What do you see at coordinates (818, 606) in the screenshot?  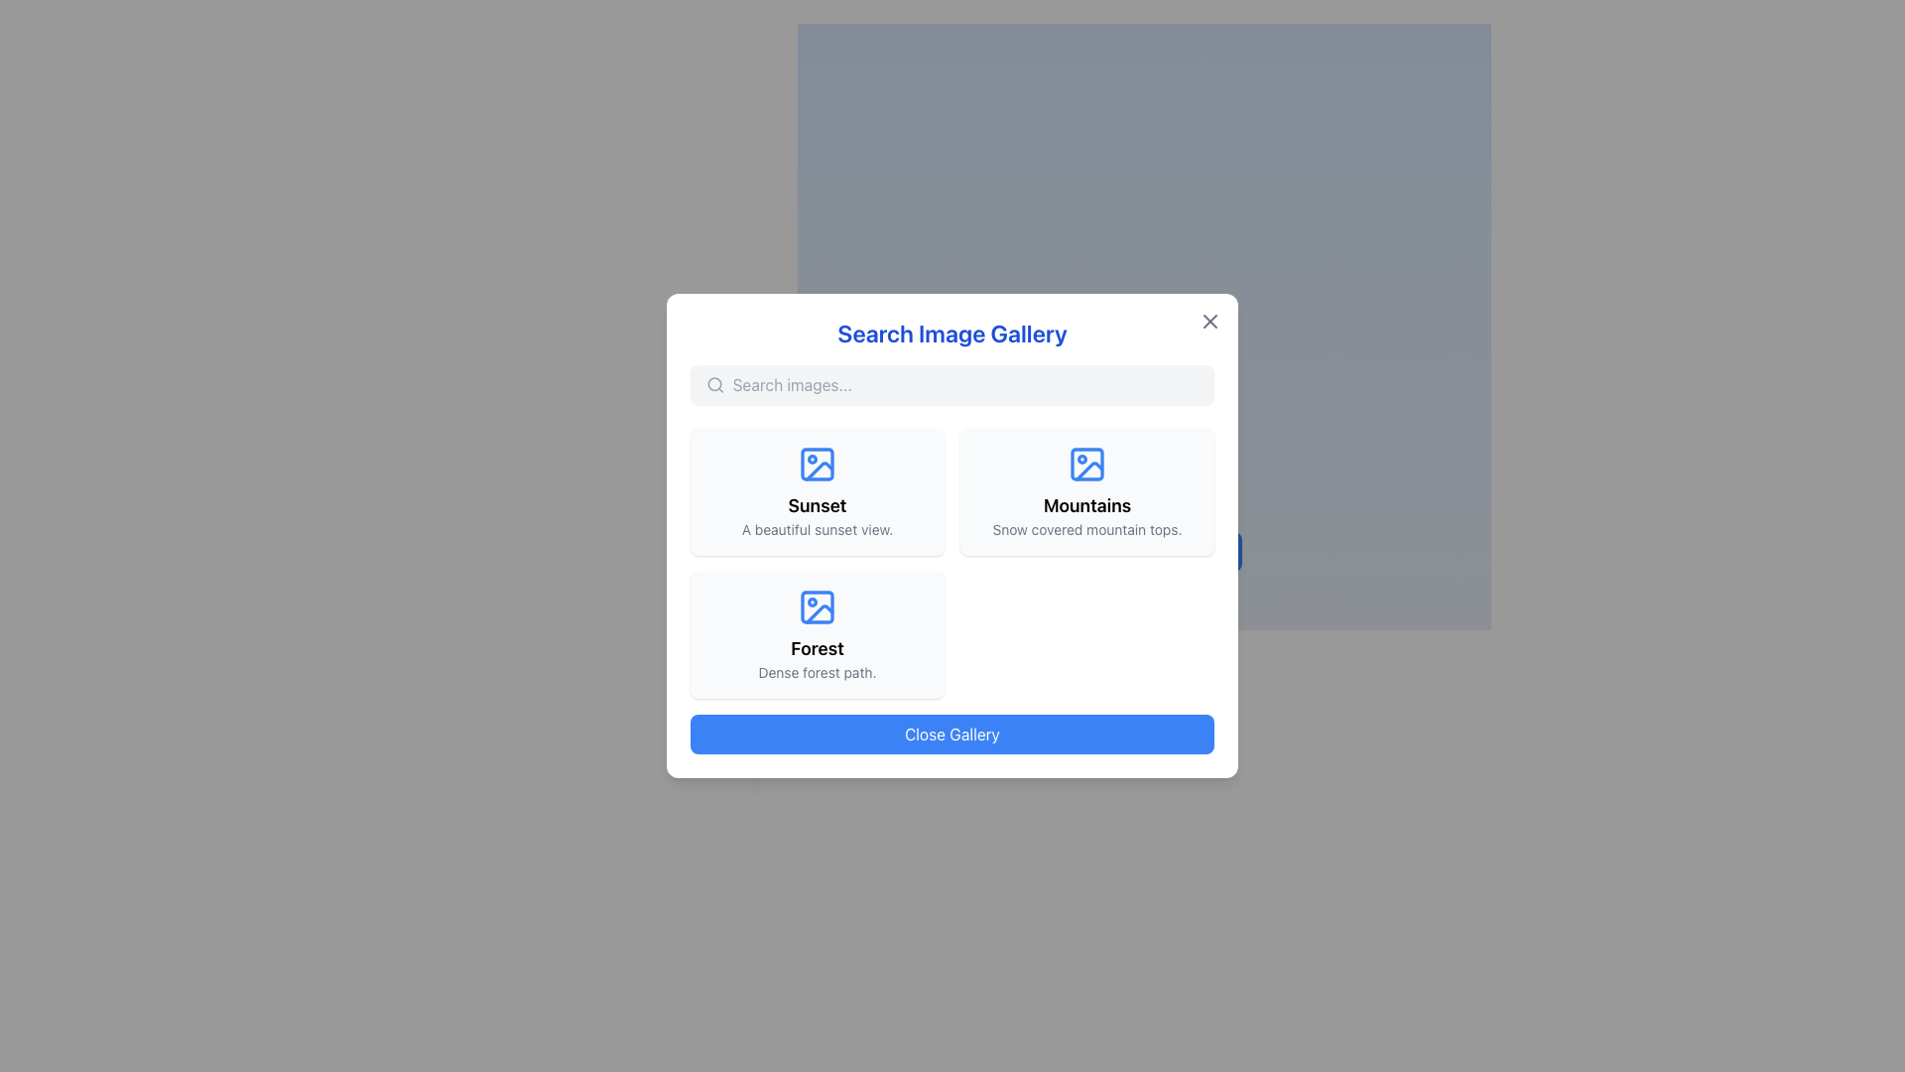 I see `the blue image symbol icon located at the upper-central part of the 'Forest' panel` at bounding box center [818, 606].